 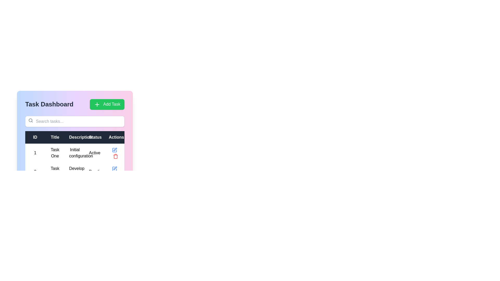 What do you see at coordinates (74, 152) in the screenshot?
I see `the text label` at bounding box center [74, 152].